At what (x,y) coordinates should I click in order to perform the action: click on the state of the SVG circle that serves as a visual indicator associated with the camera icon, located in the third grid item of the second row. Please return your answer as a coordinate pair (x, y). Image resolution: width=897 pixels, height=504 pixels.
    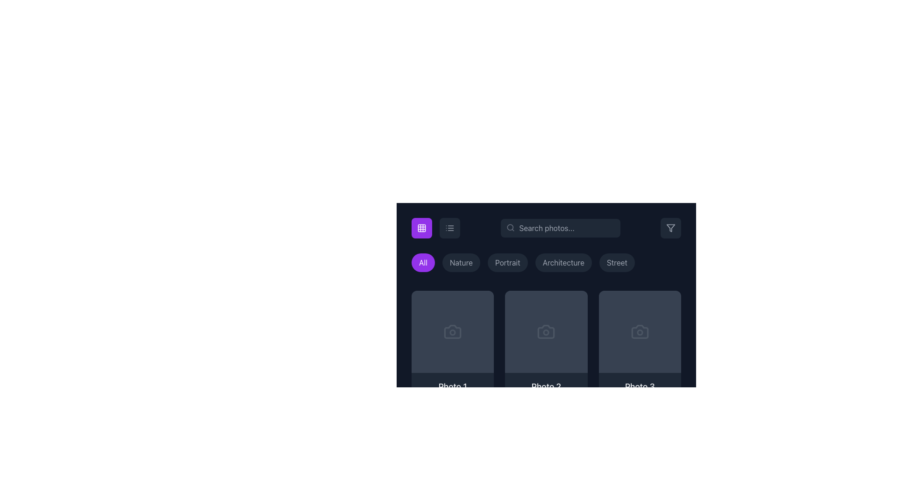
    Looking at the image, I should click on (639, 332).